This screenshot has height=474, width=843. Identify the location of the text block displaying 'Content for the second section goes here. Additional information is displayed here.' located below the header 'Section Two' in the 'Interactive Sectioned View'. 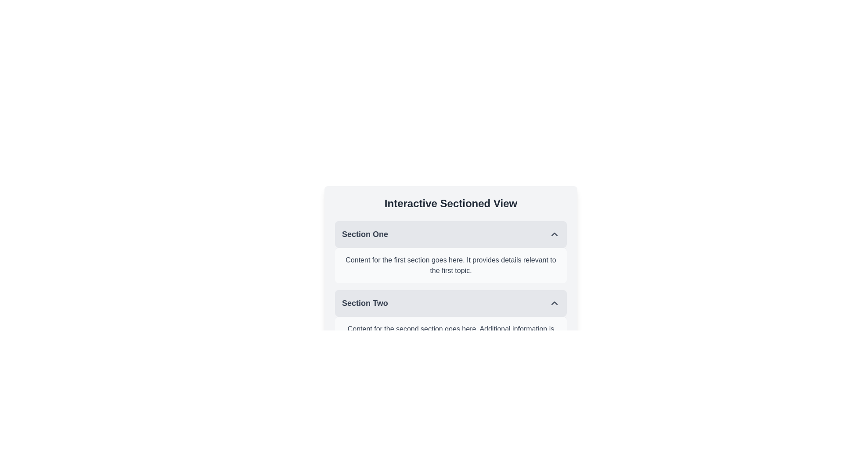
(451, 334).